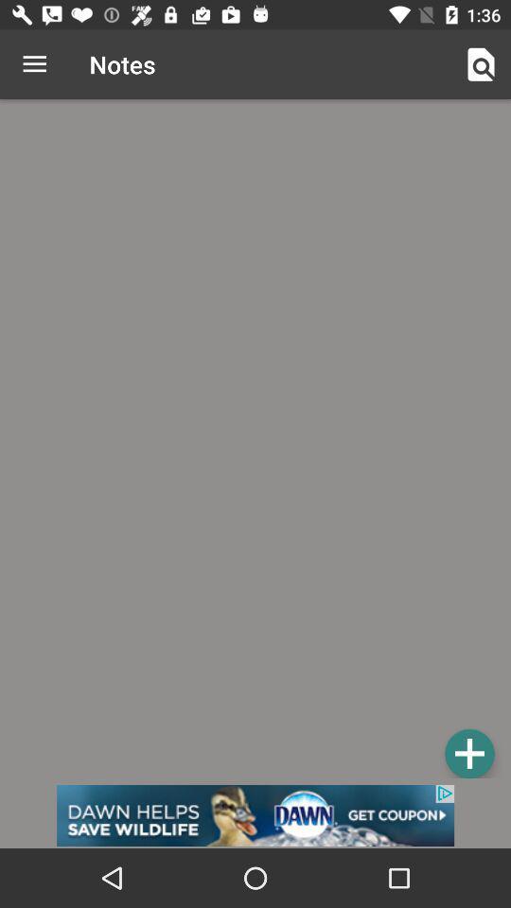 The width and height of the screenshot is (511, 908). I want to click on advertisement, so click(255, 814).